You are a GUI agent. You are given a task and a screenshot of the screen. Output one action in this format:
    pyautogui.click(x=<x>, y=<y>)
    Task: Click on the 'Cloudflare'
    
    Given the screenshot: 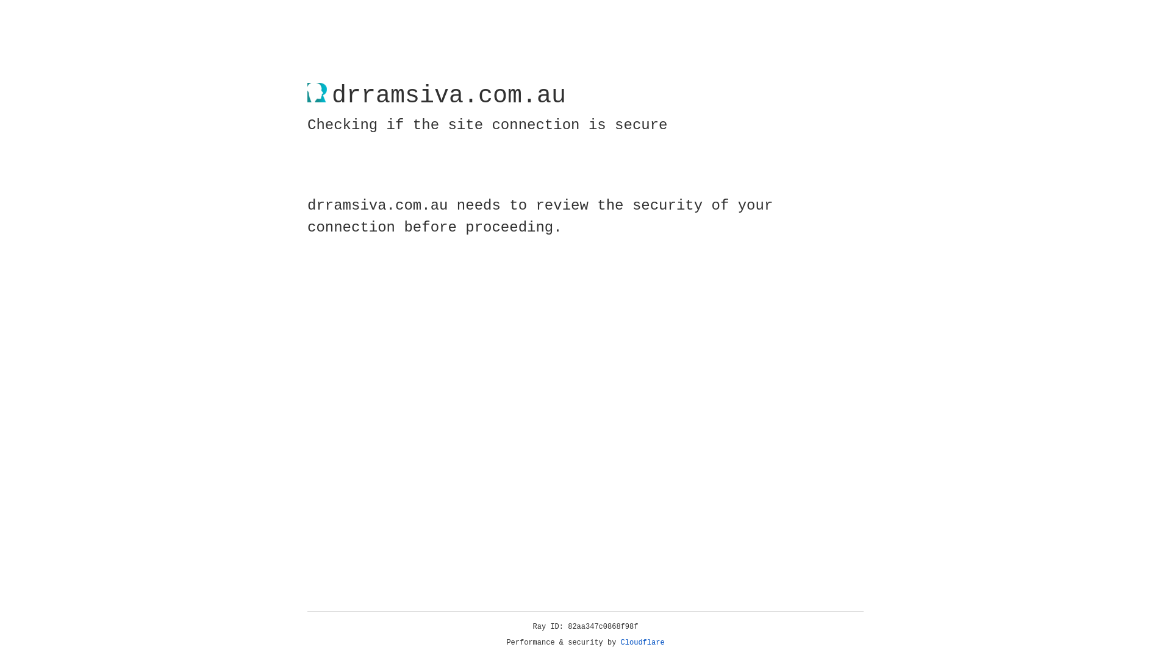 What is the action you would take?
    pyautogui.click(x=620, y=642)
    